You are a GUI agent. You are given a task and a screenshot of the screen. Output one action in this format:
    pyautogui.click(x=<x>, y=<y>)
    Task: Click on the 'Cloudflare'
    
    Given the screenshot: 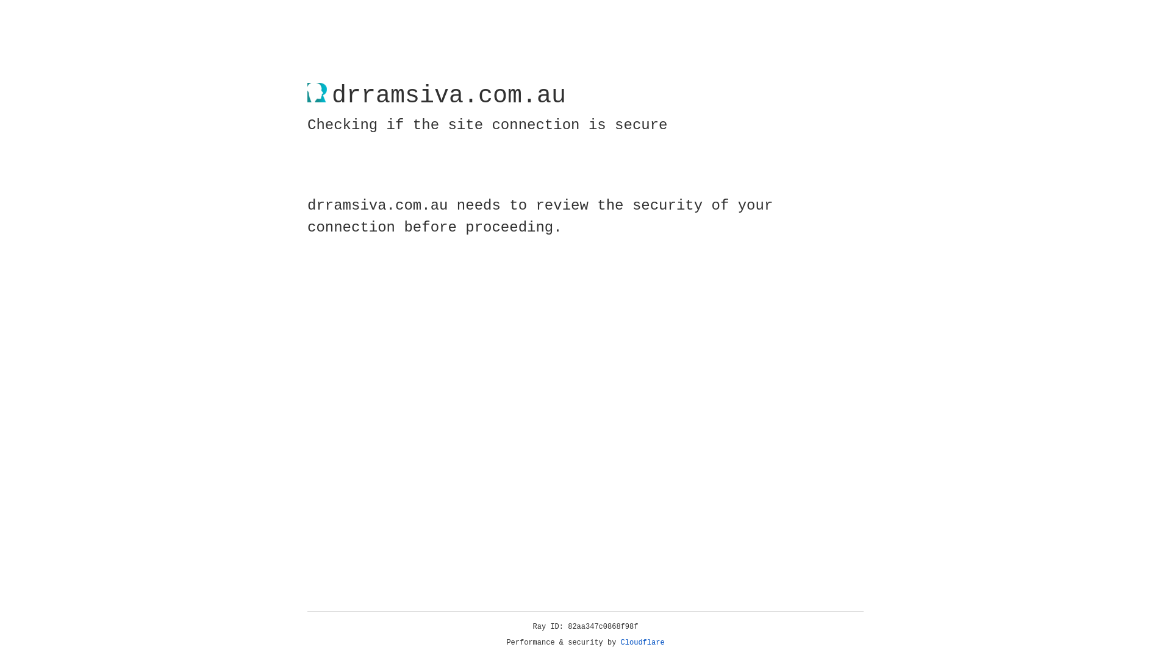 What is the action you would take?
    pyautogui.click(x=620, y=642)
    